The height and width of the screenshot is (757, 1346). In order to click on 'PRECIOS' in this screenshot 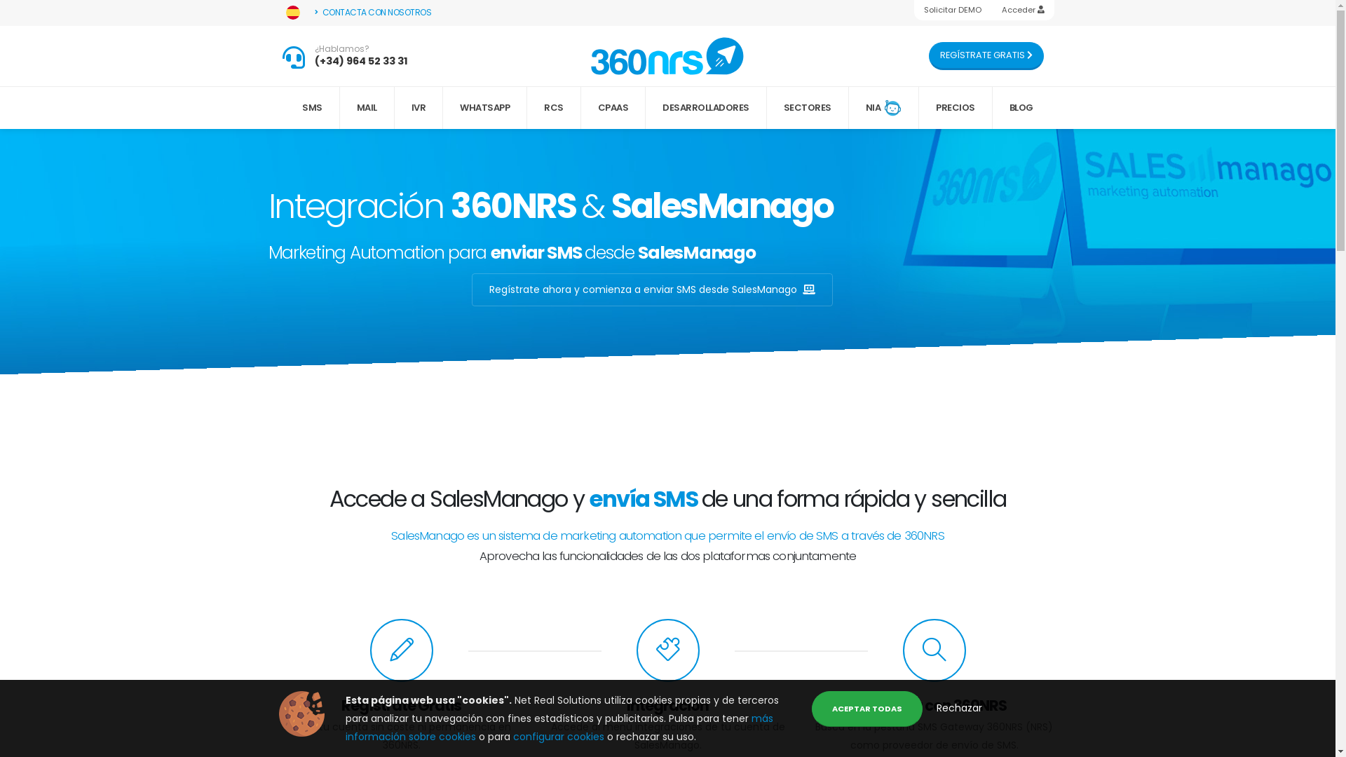, I will do `click(955, 107)`.